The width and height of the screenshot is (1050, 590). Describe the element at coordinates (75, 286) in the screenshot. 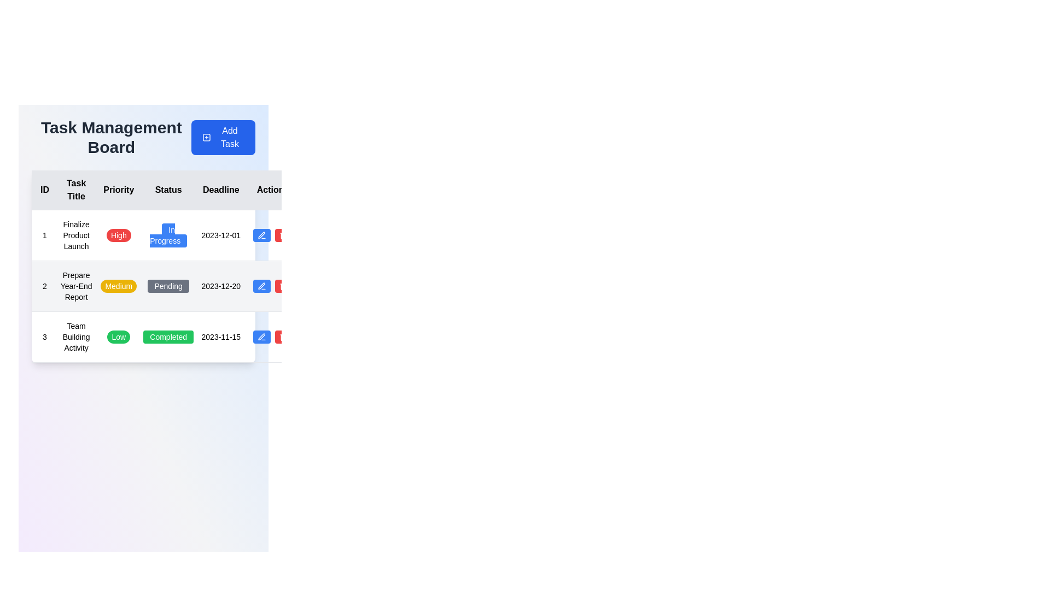

I see `text from the text label displaying 'Prepare Year-End Report', which is located in the second row of the 'Task Title' column in the task management table` at that location.